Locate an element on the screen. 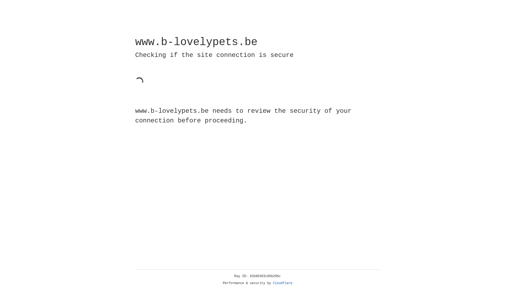  'Cloudflare' is located at coordinates (282, 283).